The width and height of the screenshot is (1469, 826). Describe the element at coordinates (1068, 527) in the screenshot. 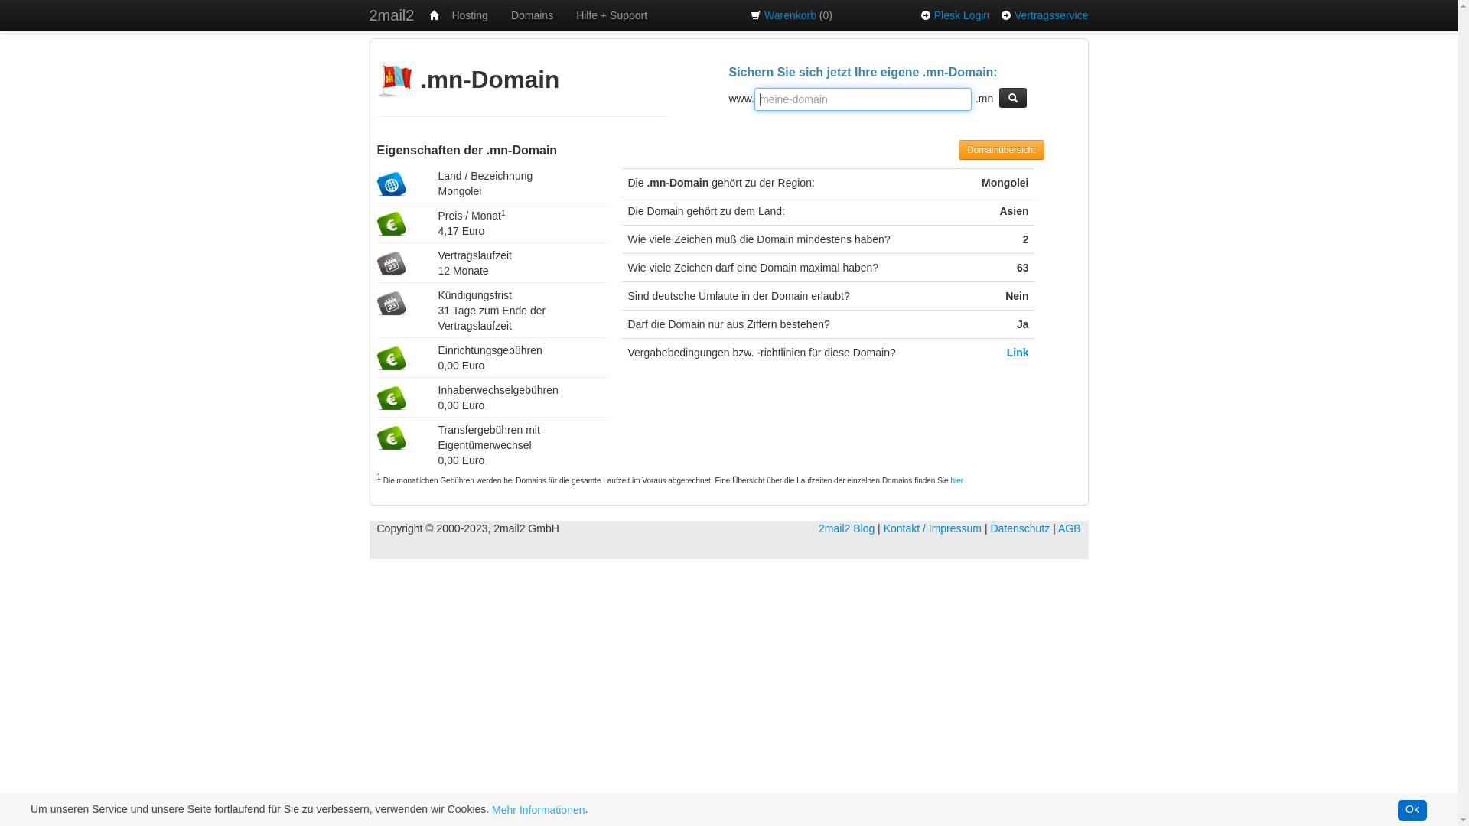

I see `'AGB'` at that location.